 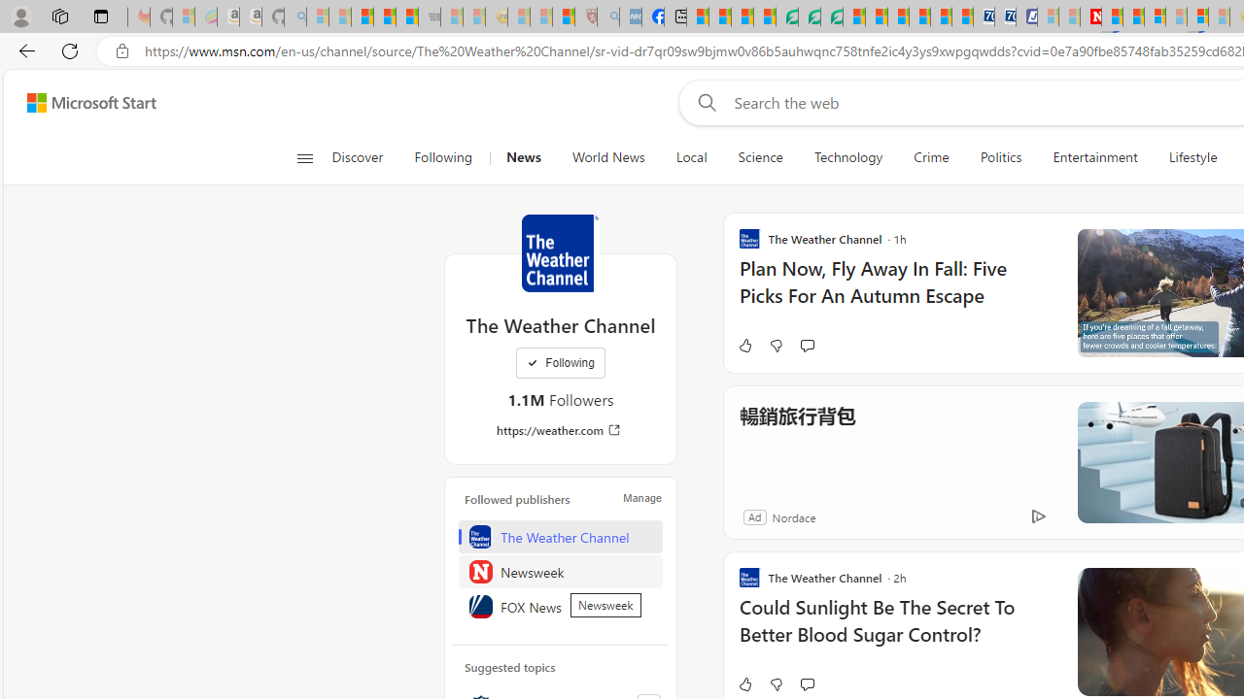 I want to click on 'Plan Now, Fly Away In Fall: Five Picks For An Autumn Escape', so click(x=895, y=291).